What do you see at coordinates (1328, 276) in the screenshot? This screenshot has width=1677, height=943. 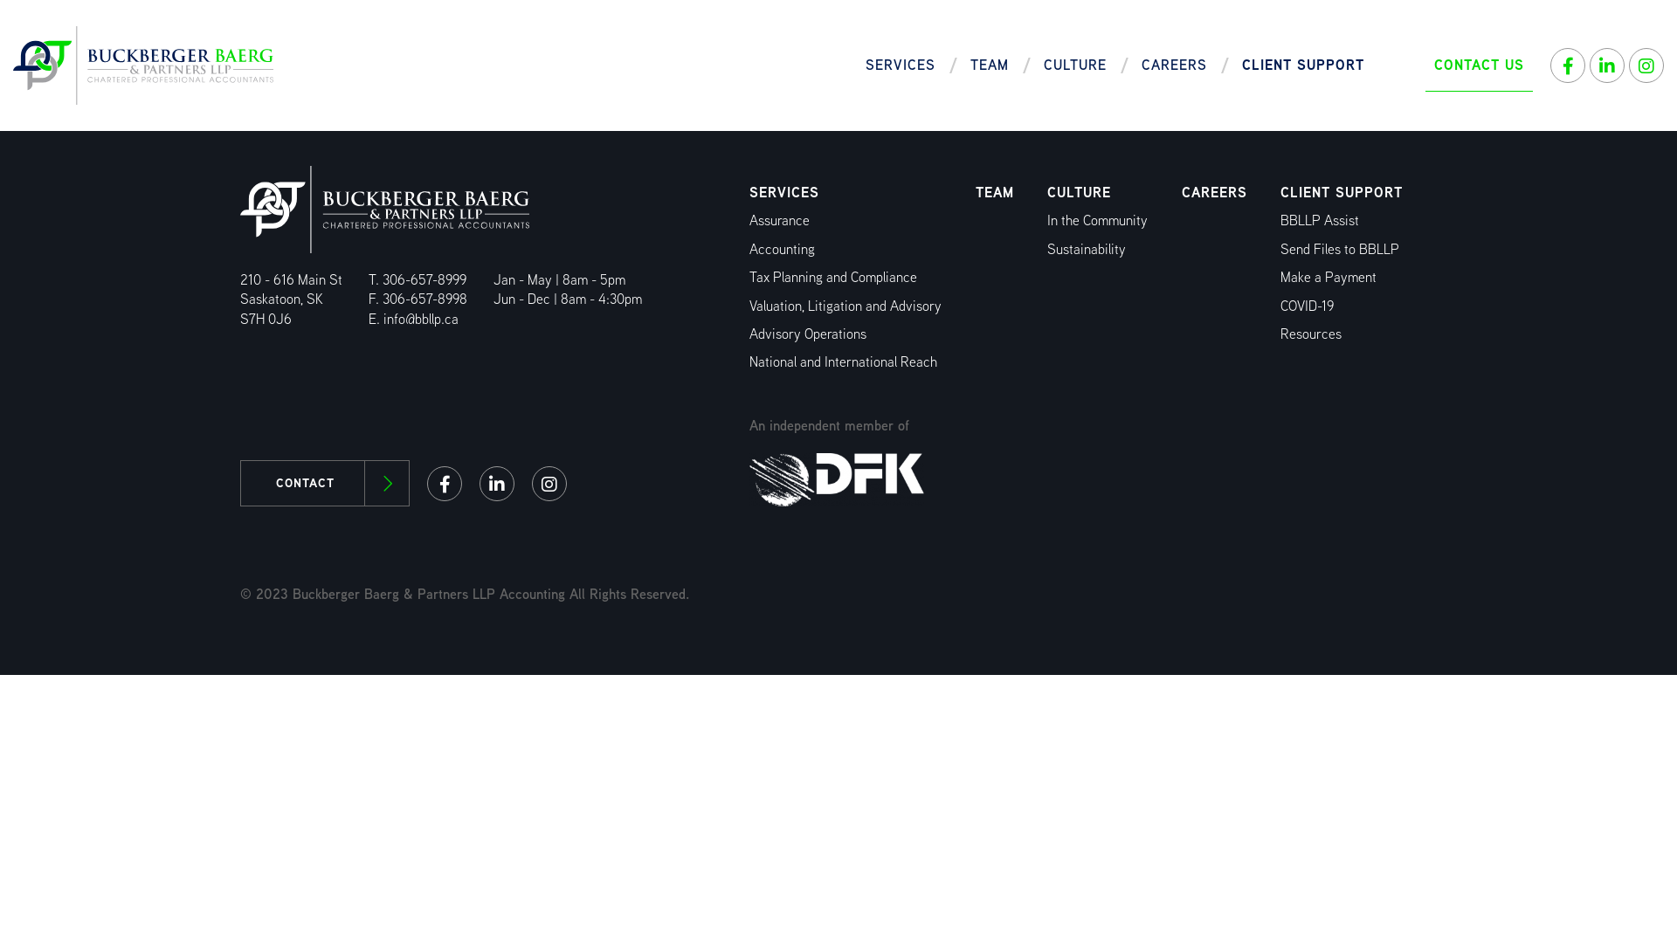 I see `'Make a Payment'` at bounding box center [1328, 276].